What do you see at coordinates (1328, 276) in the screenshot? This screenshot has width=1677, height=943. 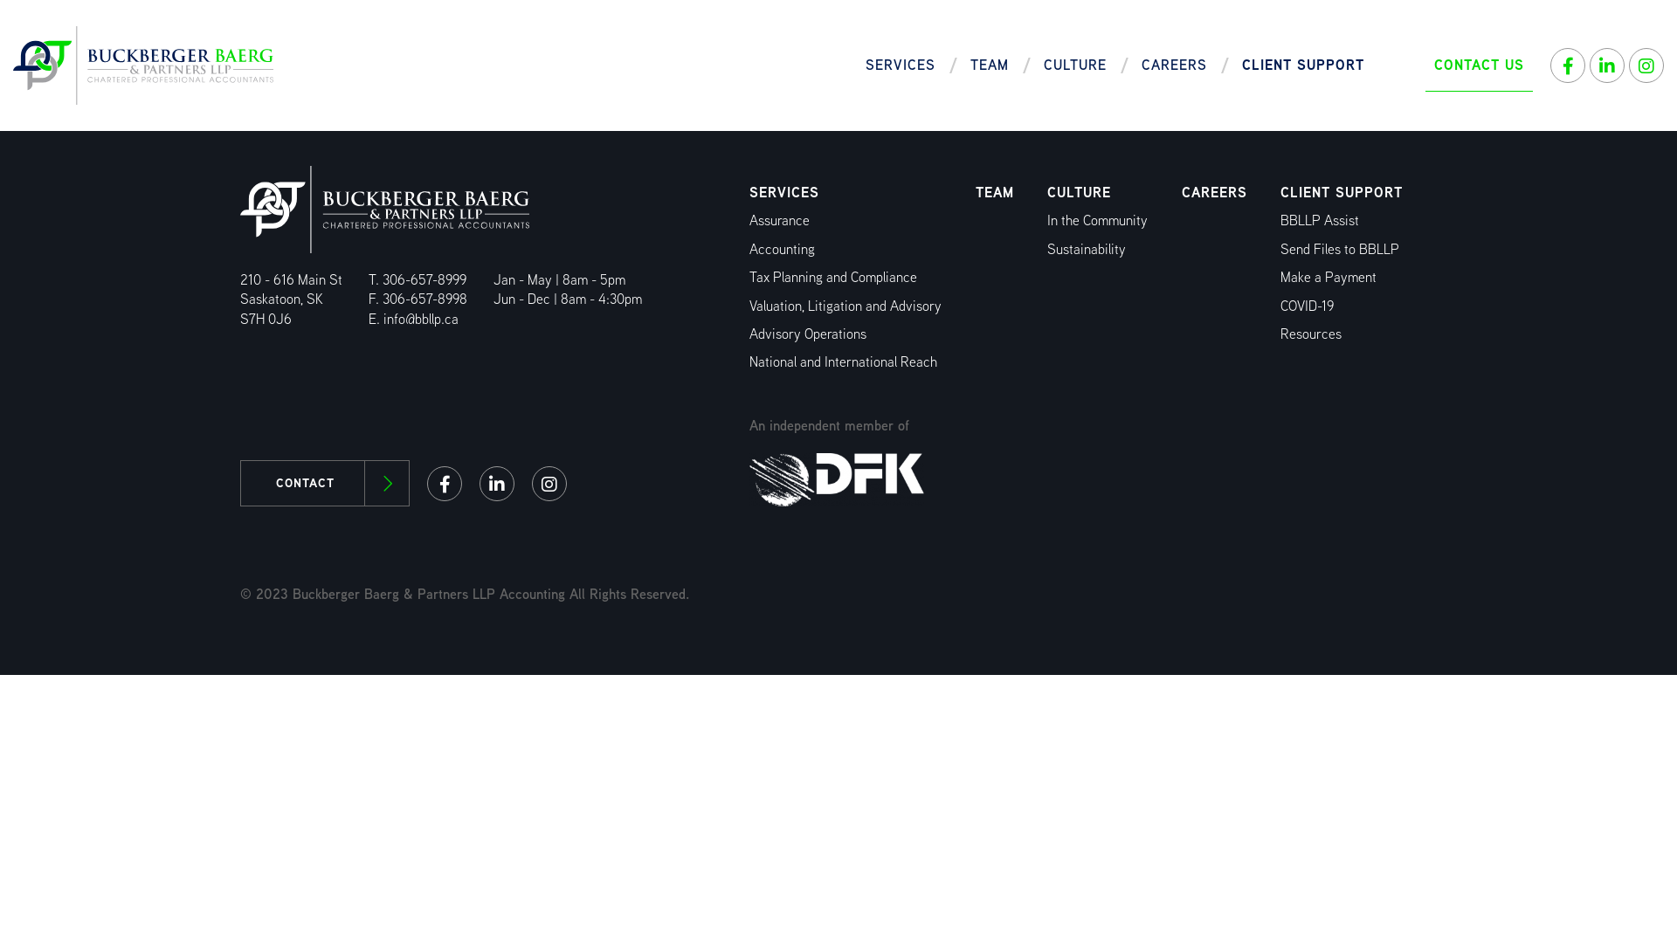 I see `'Make a Payment'` at bounding box center [1328, 276].